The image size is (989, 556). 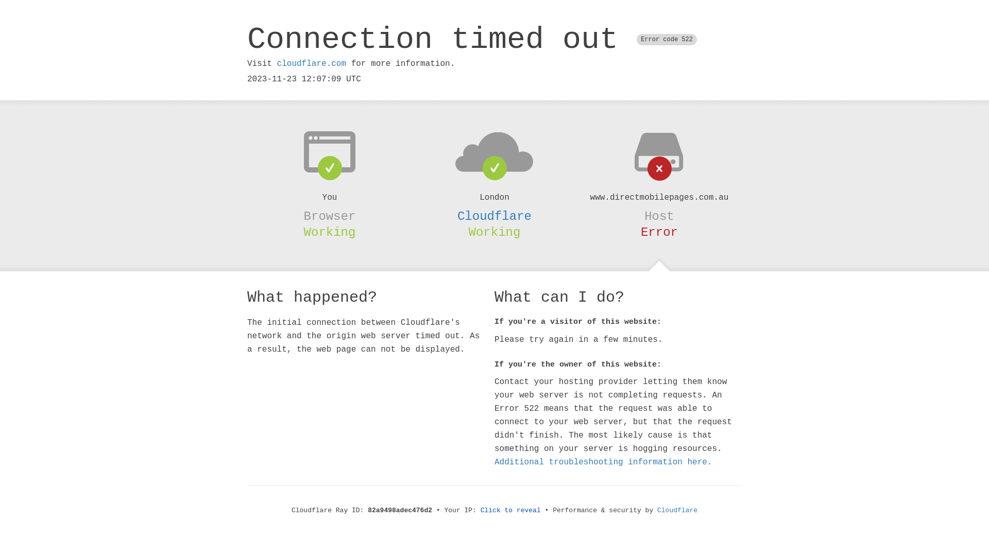 What do you see at coordinates (510, 510) in the screenshot?
I see `'Click to reveal'` at bounding box center [510, 510].